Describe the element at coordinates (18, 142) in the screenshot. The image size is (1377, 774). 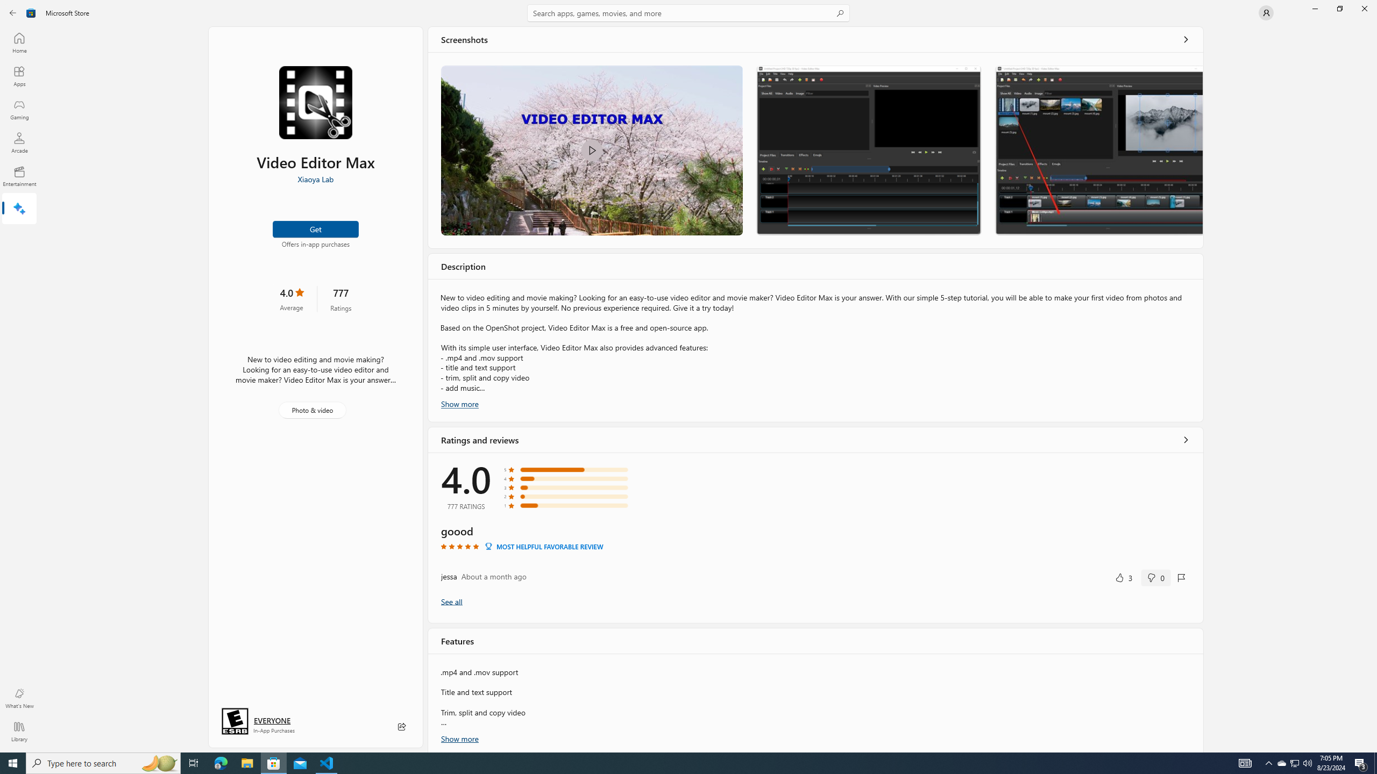
I see `'Arcade'` at that location.